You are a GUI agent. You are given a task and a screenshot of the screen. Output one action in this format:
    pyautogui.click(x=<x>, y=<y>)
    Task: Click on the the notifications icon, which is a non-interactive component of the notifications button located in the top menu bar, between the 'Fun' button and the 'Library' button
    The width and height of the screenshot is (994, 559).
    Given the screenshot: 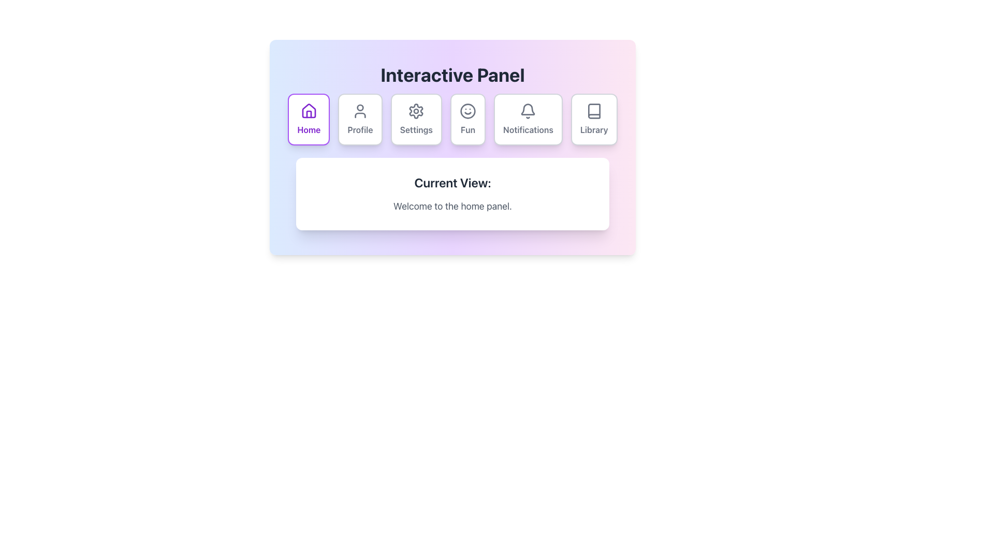 What is the action you would take?
    pyautogui.click(x=528, y=109)
    